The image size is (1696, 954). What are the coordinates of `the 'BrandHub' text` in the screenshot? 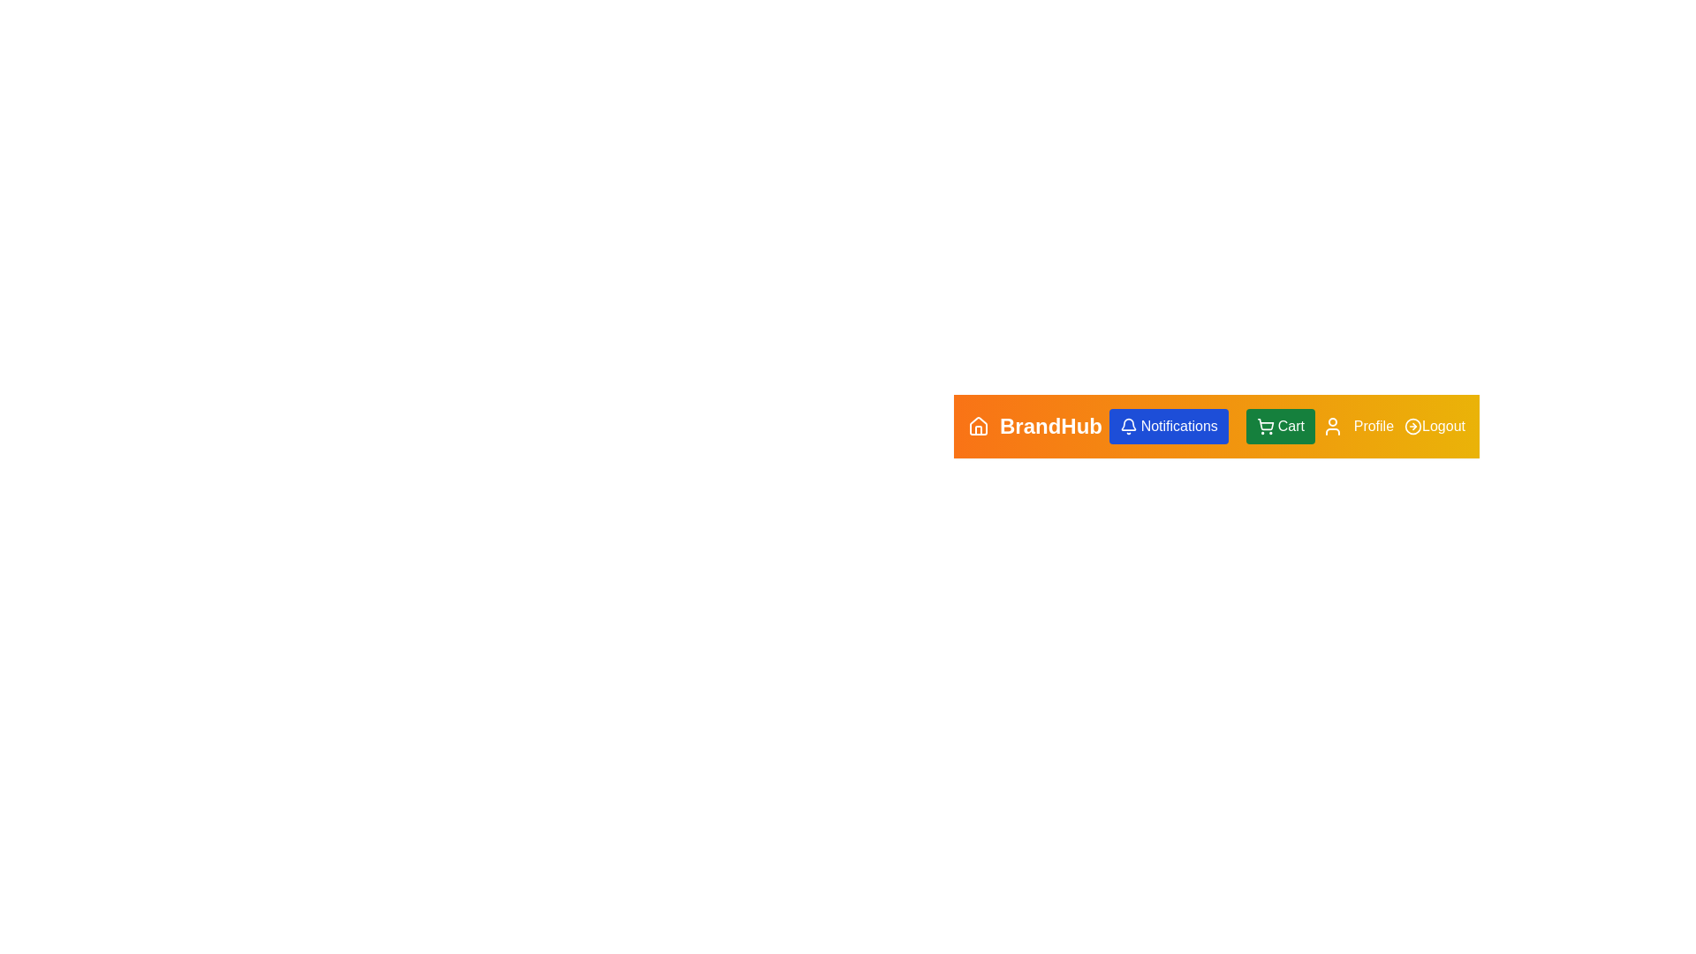 It's located at (1034, 426).